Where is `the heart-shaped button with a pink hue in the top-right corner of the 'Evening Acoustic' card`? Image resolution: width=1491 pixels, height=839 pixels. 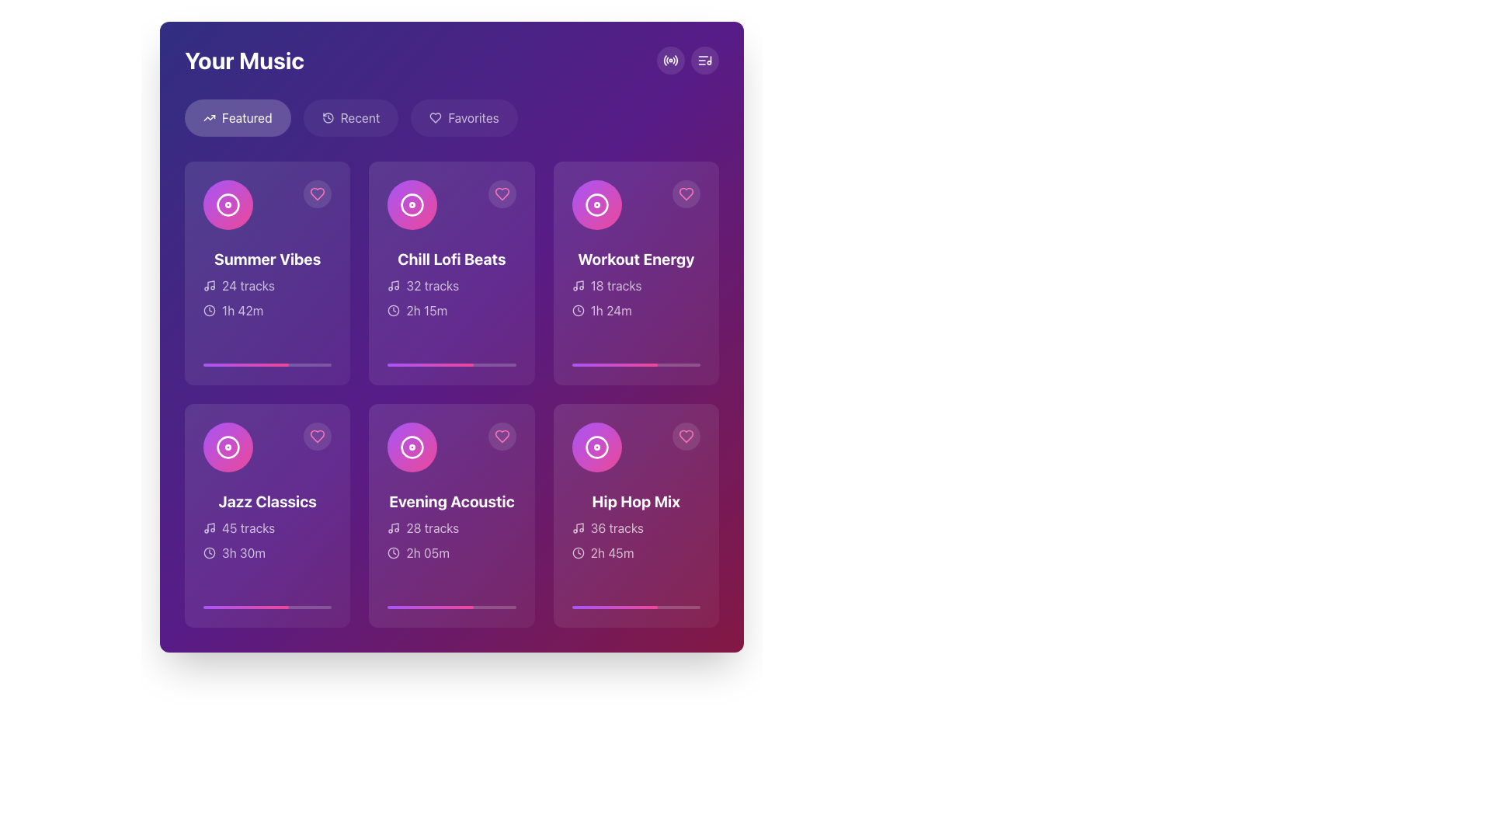
the heart-shaped button with a pink hue in the top-right corner of the 'Evening Acoustic' card is located at coordinates (502, 437).